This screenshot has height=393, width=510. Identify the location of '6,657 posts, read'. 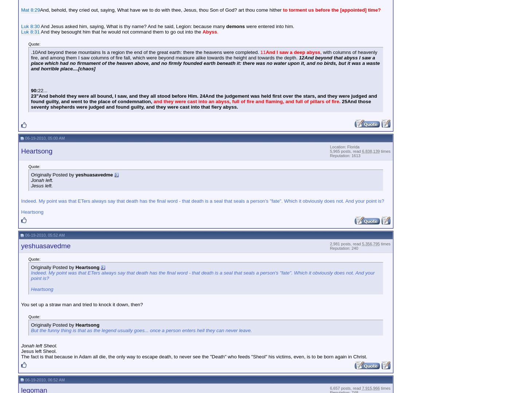
(346, 388).